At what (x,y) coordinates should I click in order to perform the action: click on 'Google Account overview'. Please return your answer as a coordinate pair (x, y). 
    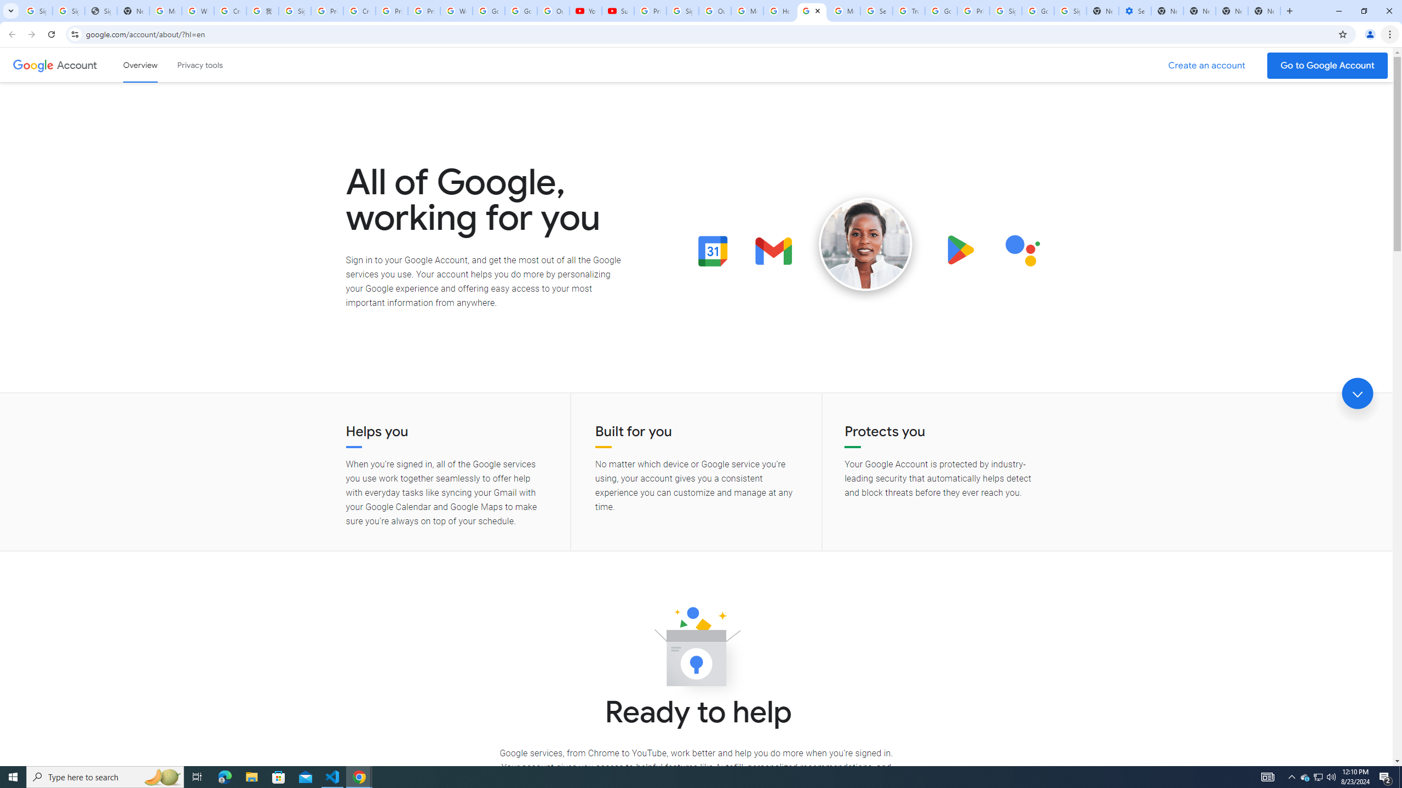
    Looking at the image, I should click on (140, 65).